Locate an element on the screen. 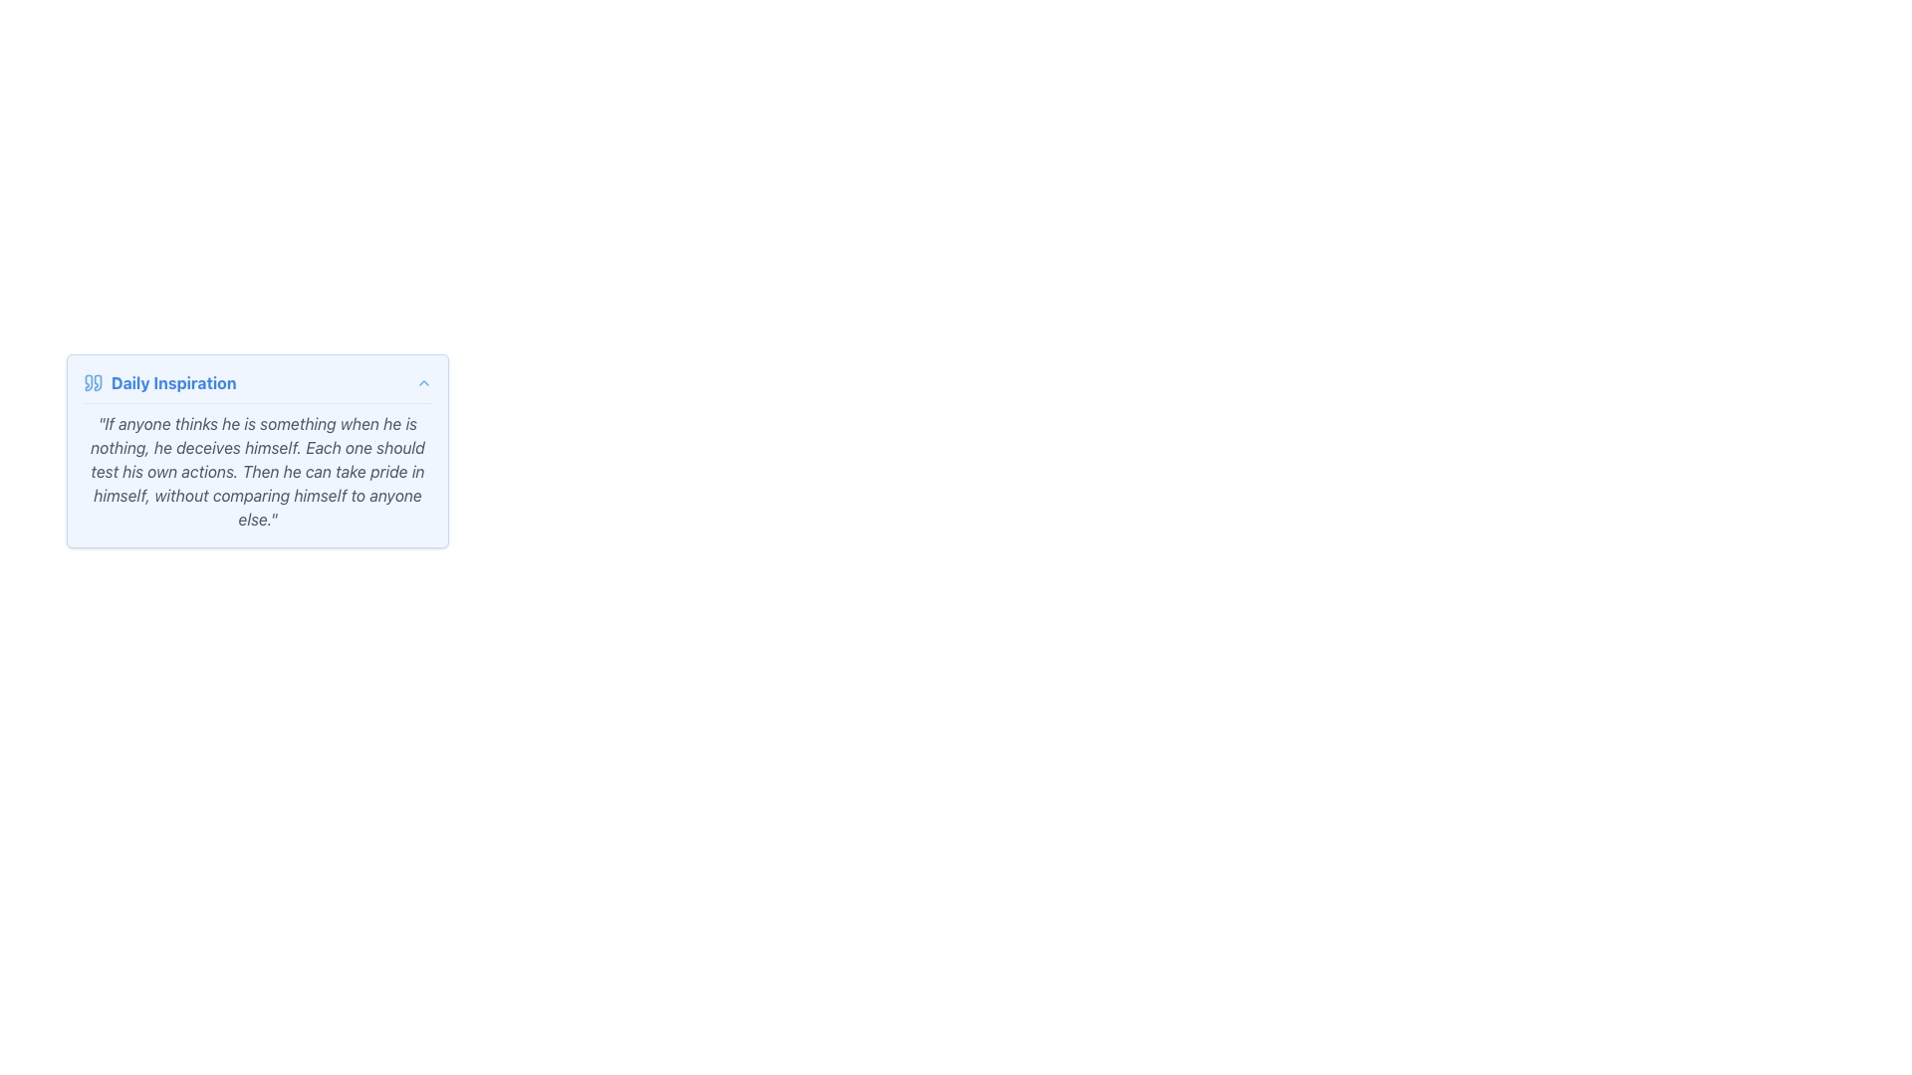 The image size is (1912, 1075). the small blue icon resembling quotation marks located at the far left of the header labeled 'Daily Inspiration' is located at coordinates (93, 383).